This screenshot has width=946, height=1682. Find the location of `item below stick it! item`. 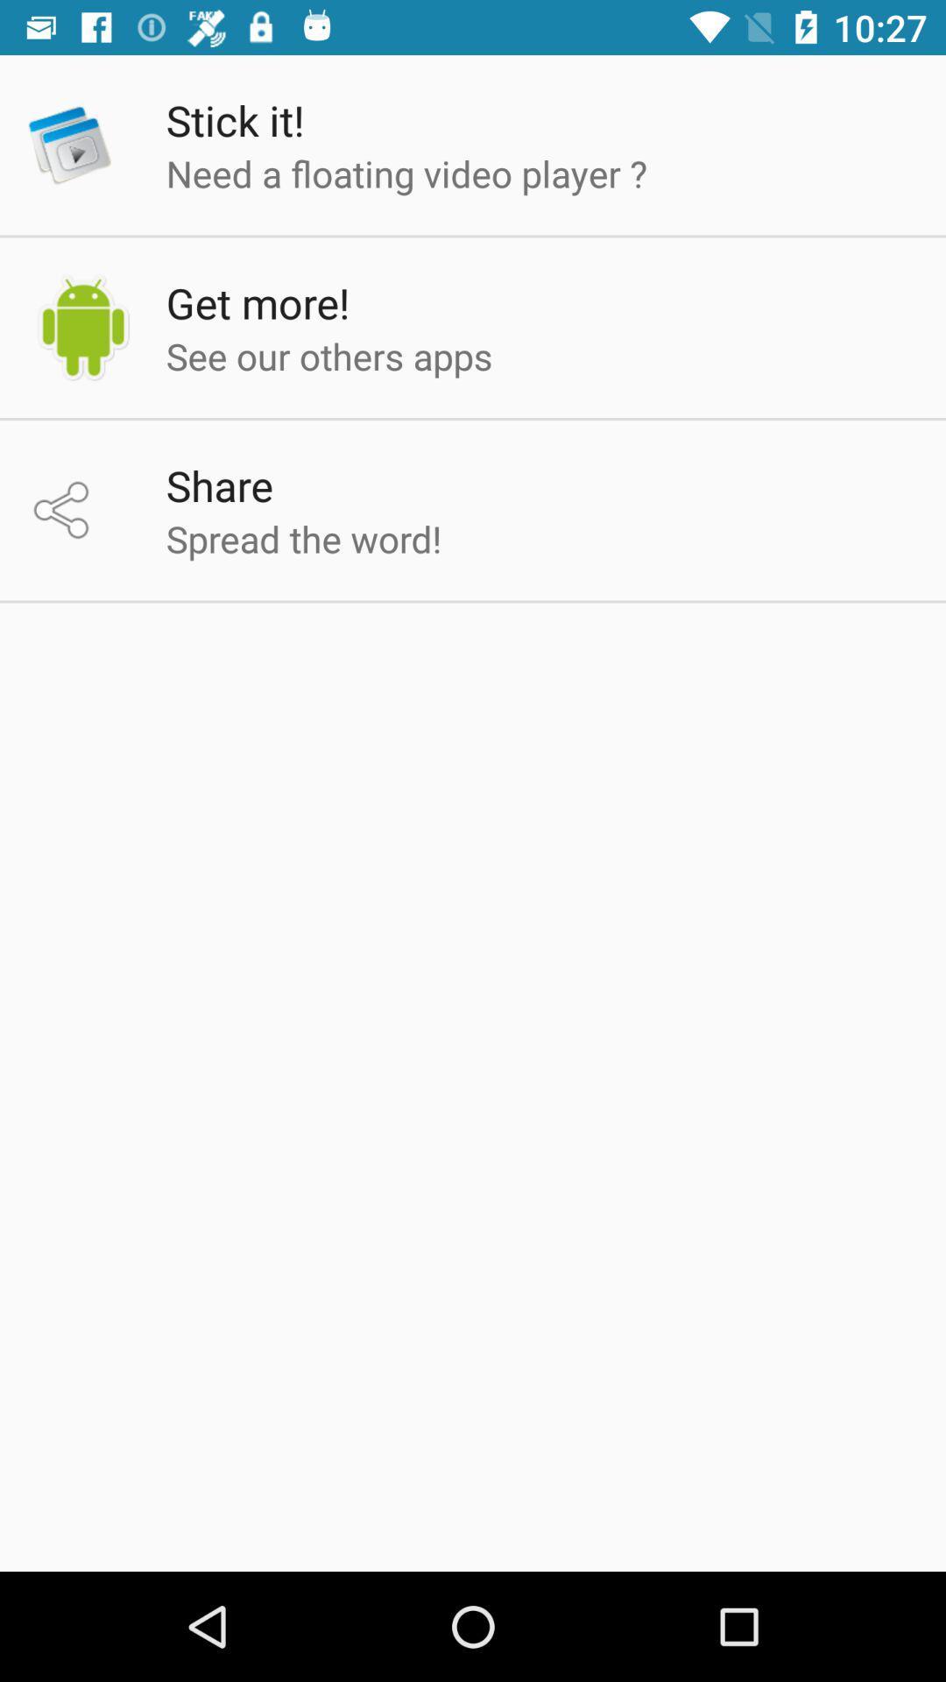

item below stick it! item is located at coordinates (406, 173).